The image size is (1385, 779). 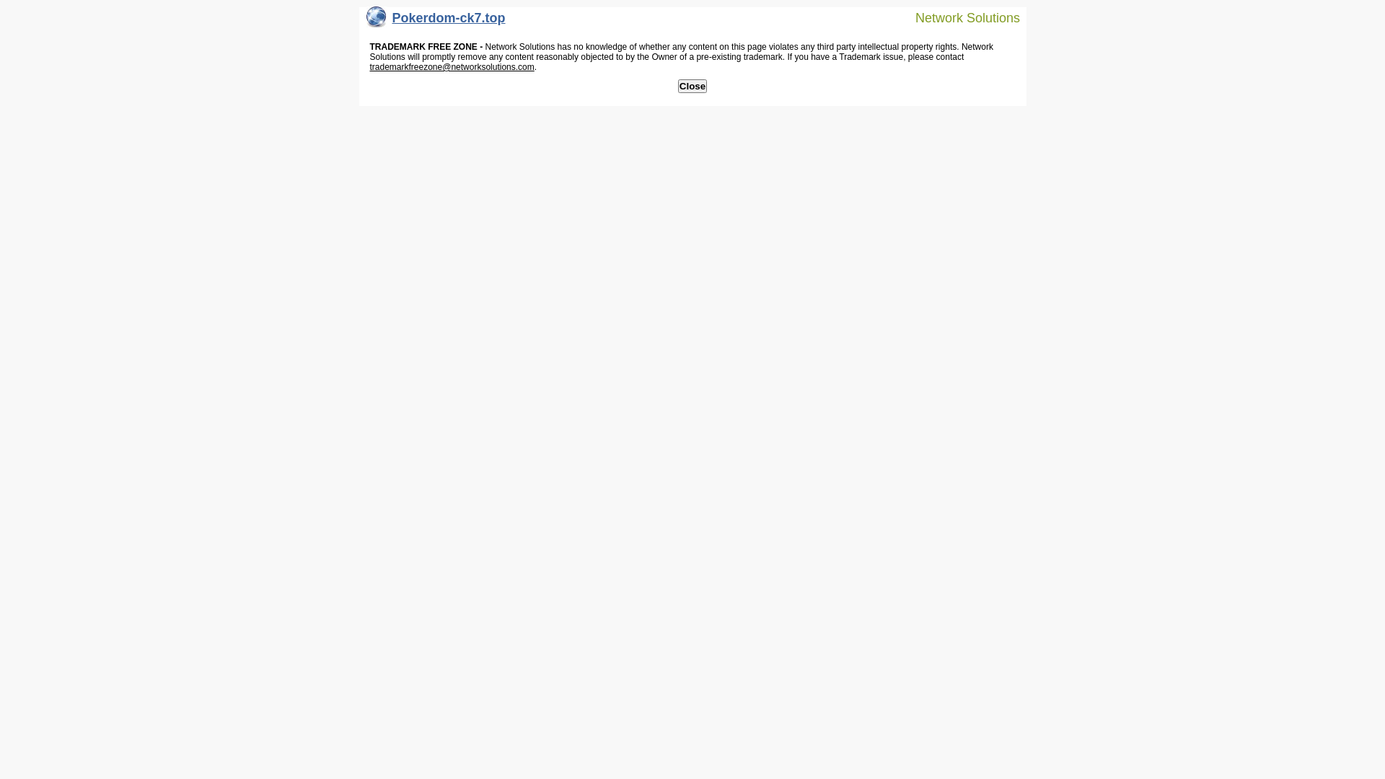 I want to click on 'Network Solutions', so click(x=959, y=17).